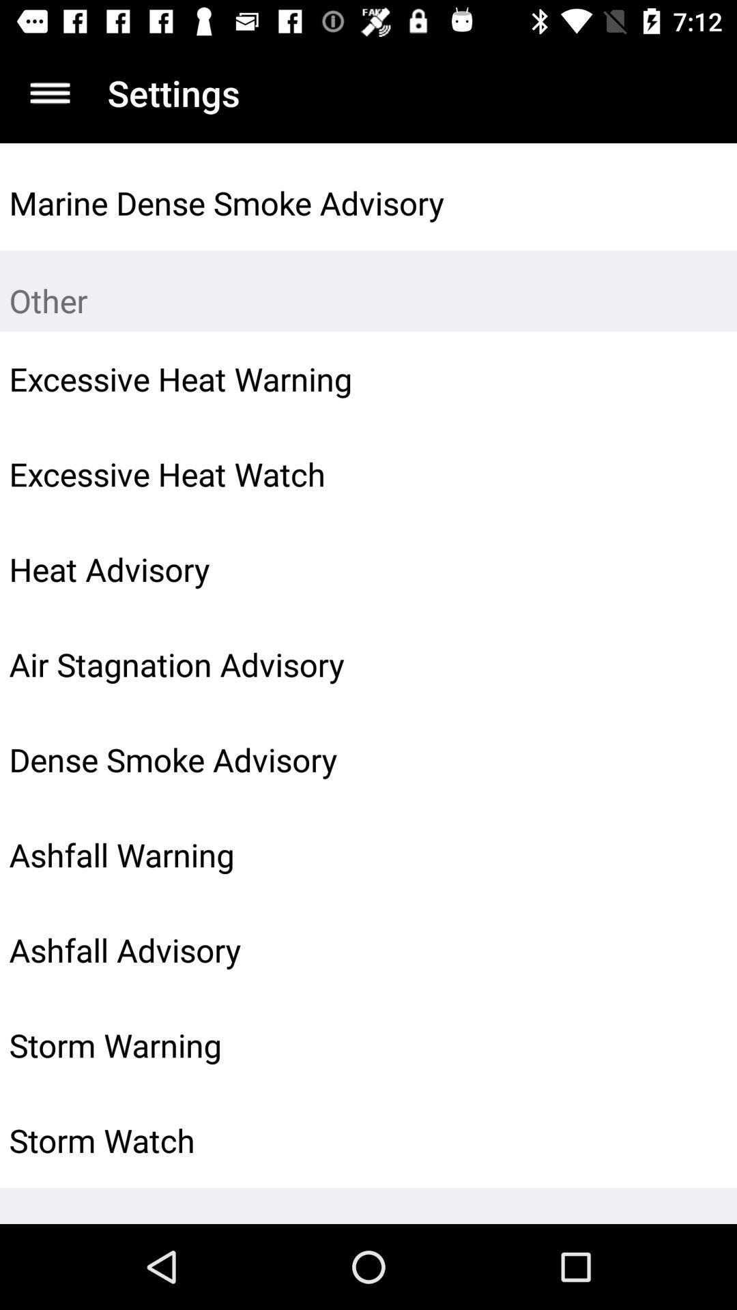 This screenshot has height=1310, width=737. What do you see at coordinates (694, 569) in the screenshot?
I see `the icon to the right of the heat advisory icon` at bounding box center [694, 569].